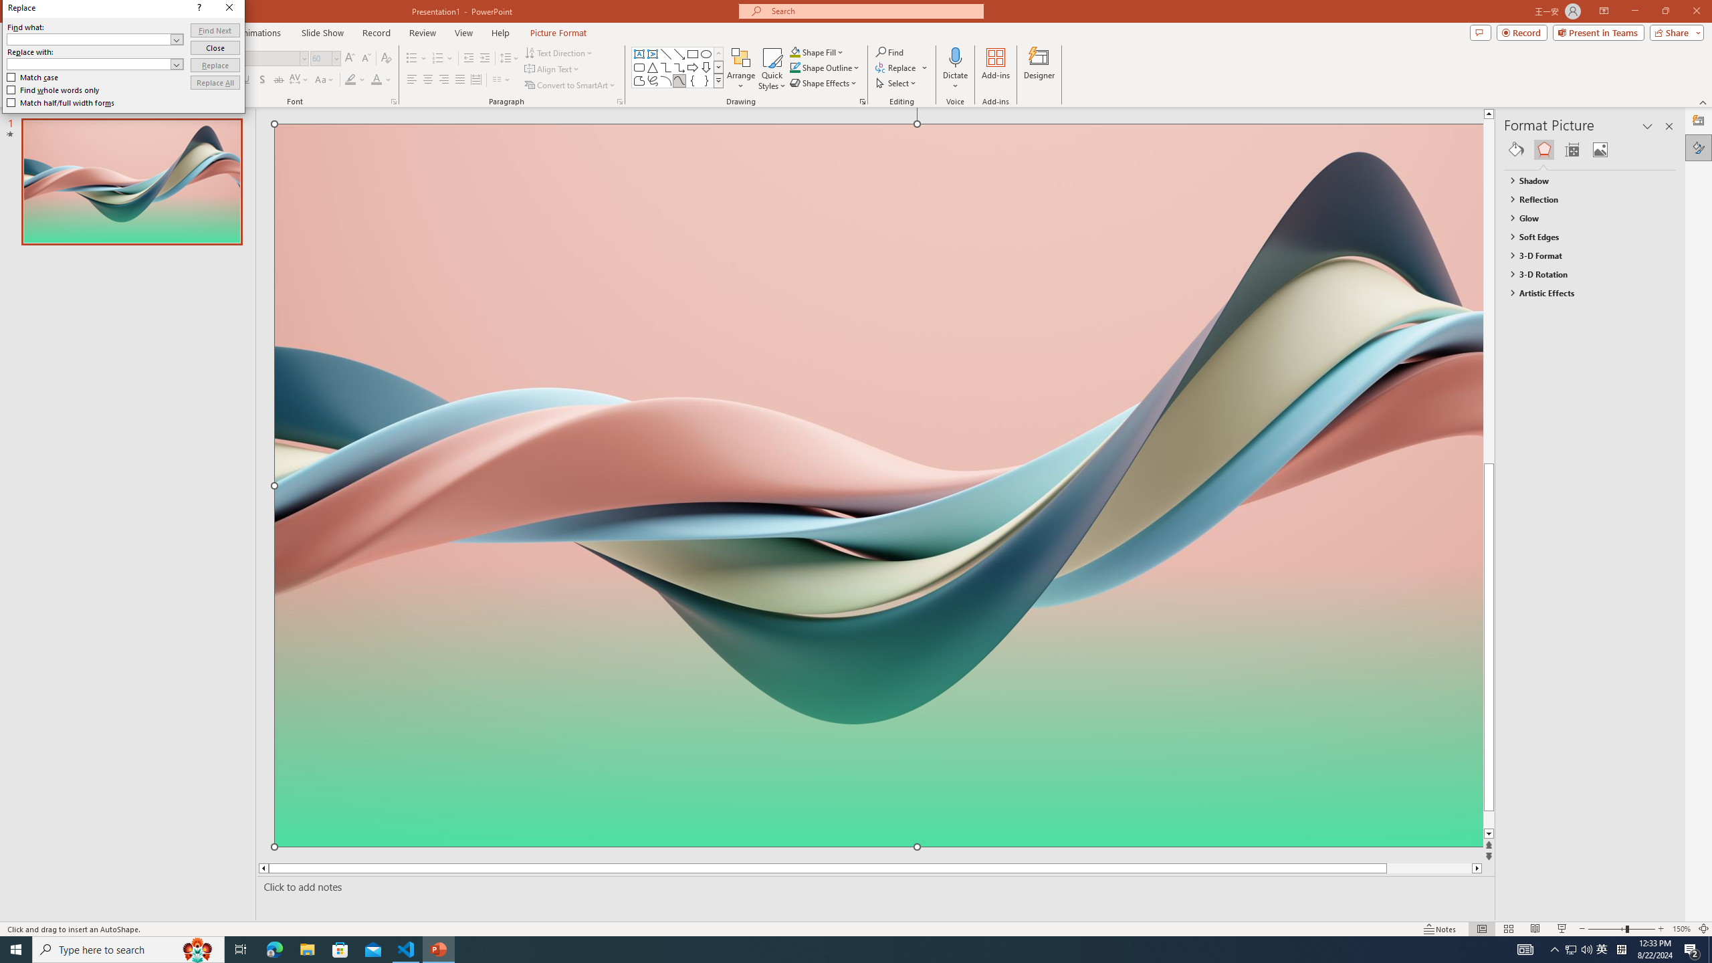 The width and height of the screenshot is (1712, 963). Describe the element at coordinates (215, 64) in the screenshot. I see `'Replace'` at that location.